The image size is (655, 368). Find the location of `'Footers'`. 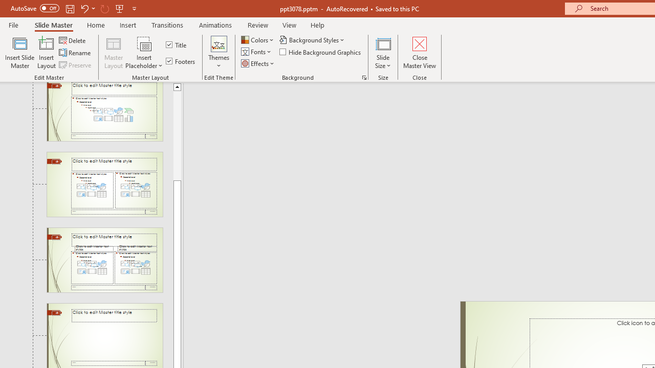

'Footers' is located at coordinates (181, 61).